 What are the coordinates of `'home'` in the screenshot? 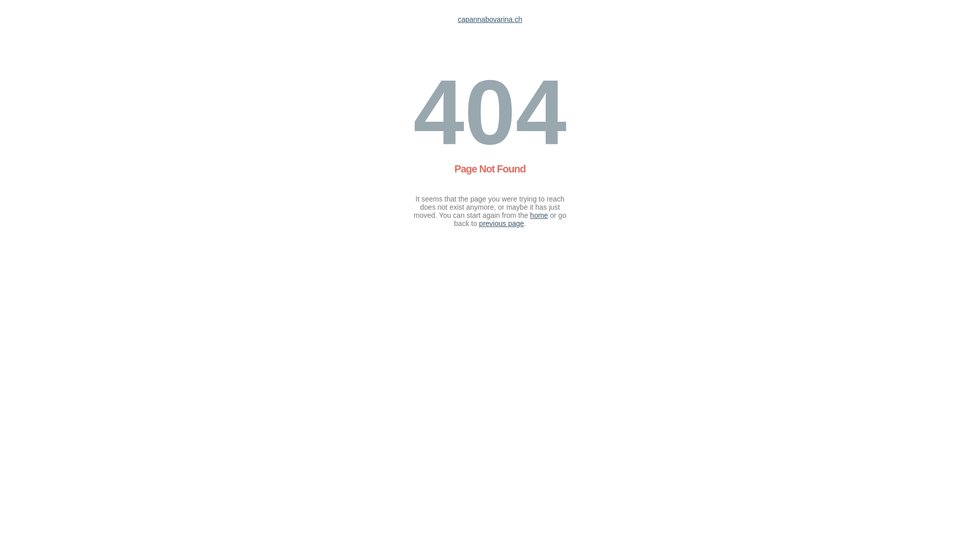 It's located at (538, 214).